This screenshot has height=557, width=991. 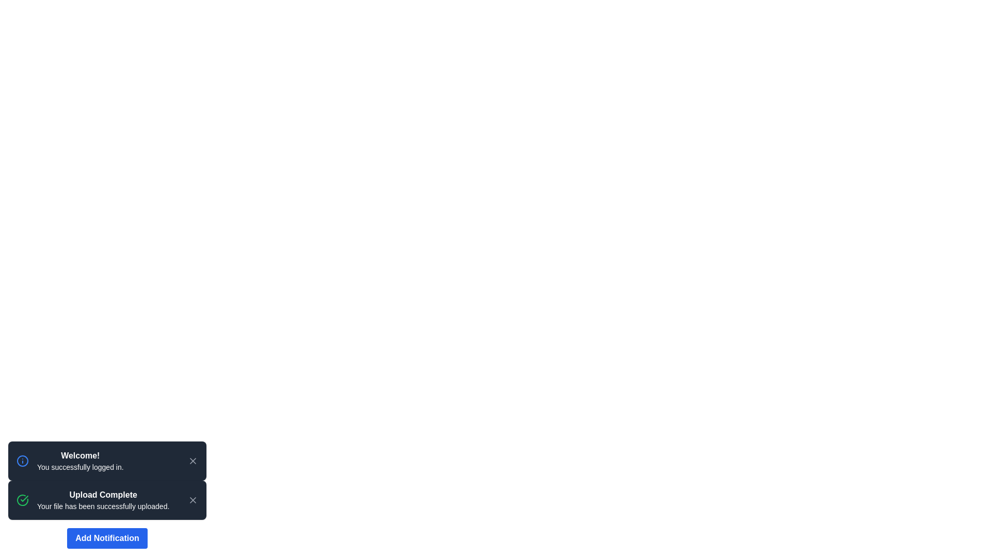 What do you see at coordinates (79, 467) in the screenshot?
I see `supplementary text message 'You successfully logged in.' located directly beneath the 'Welcome!' title in the notification card` at bounding box center [79, 467].